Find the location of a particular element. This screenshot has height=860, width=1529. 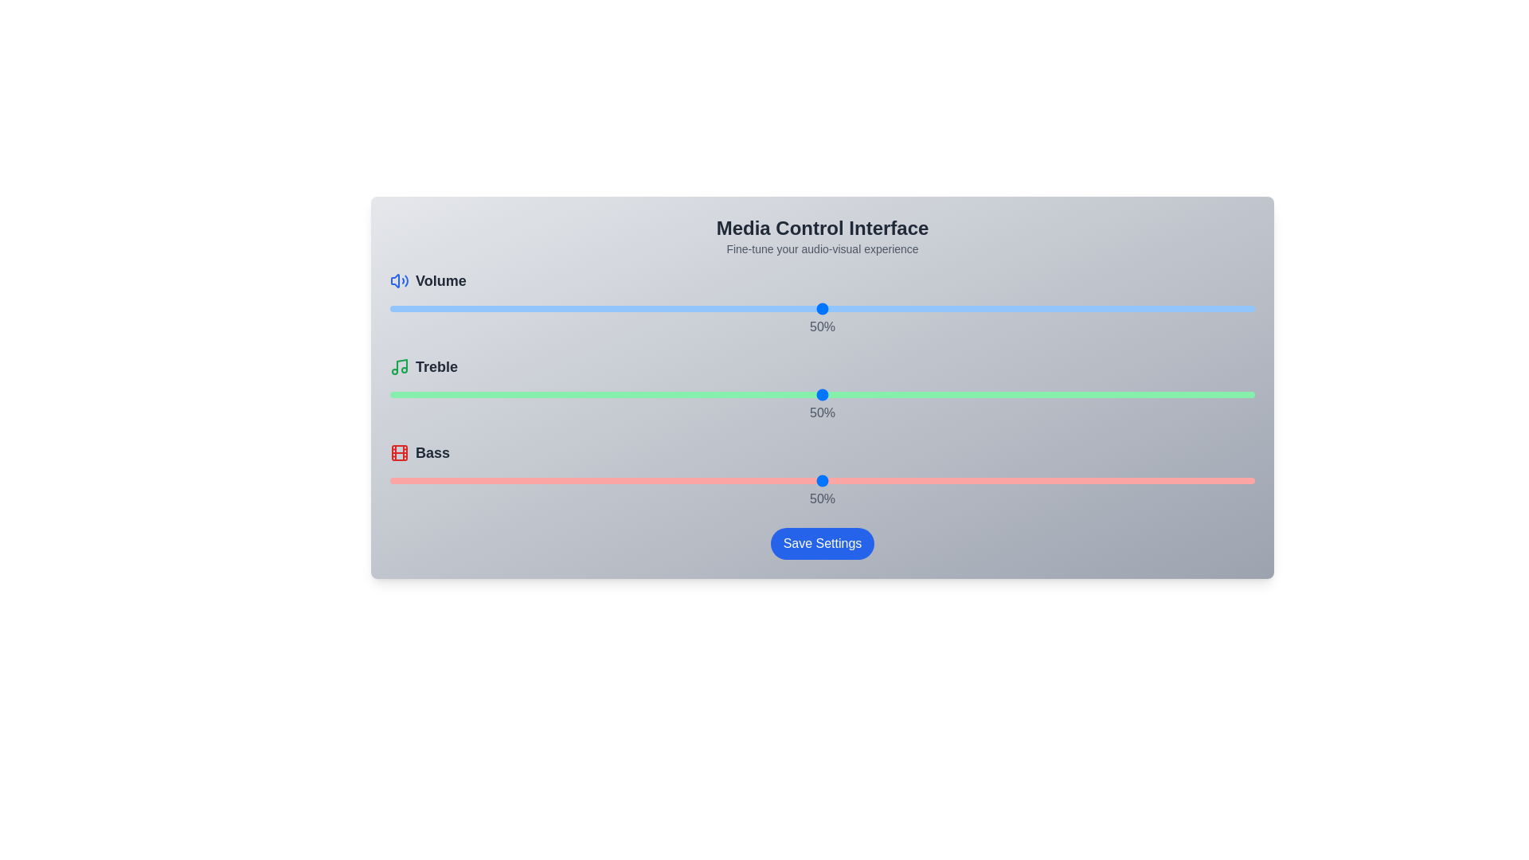

bass level is located at coordinates (1089, 480).